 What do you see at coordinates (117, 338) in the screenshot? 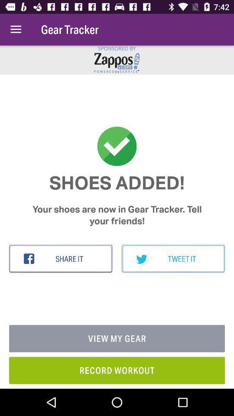
I see `the view my gear` at bounding box center [117, 338].